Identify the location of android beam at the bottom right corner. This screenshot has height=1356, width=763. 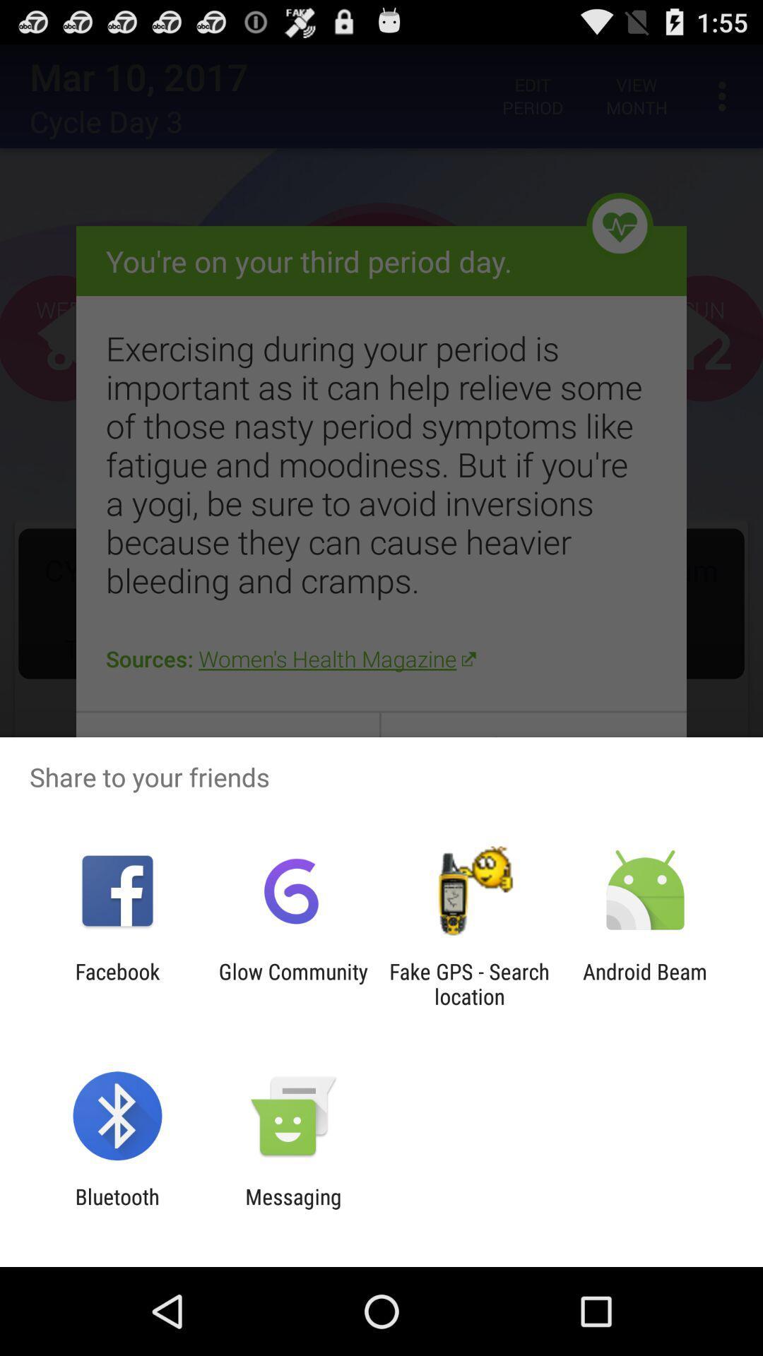
(645, 983).